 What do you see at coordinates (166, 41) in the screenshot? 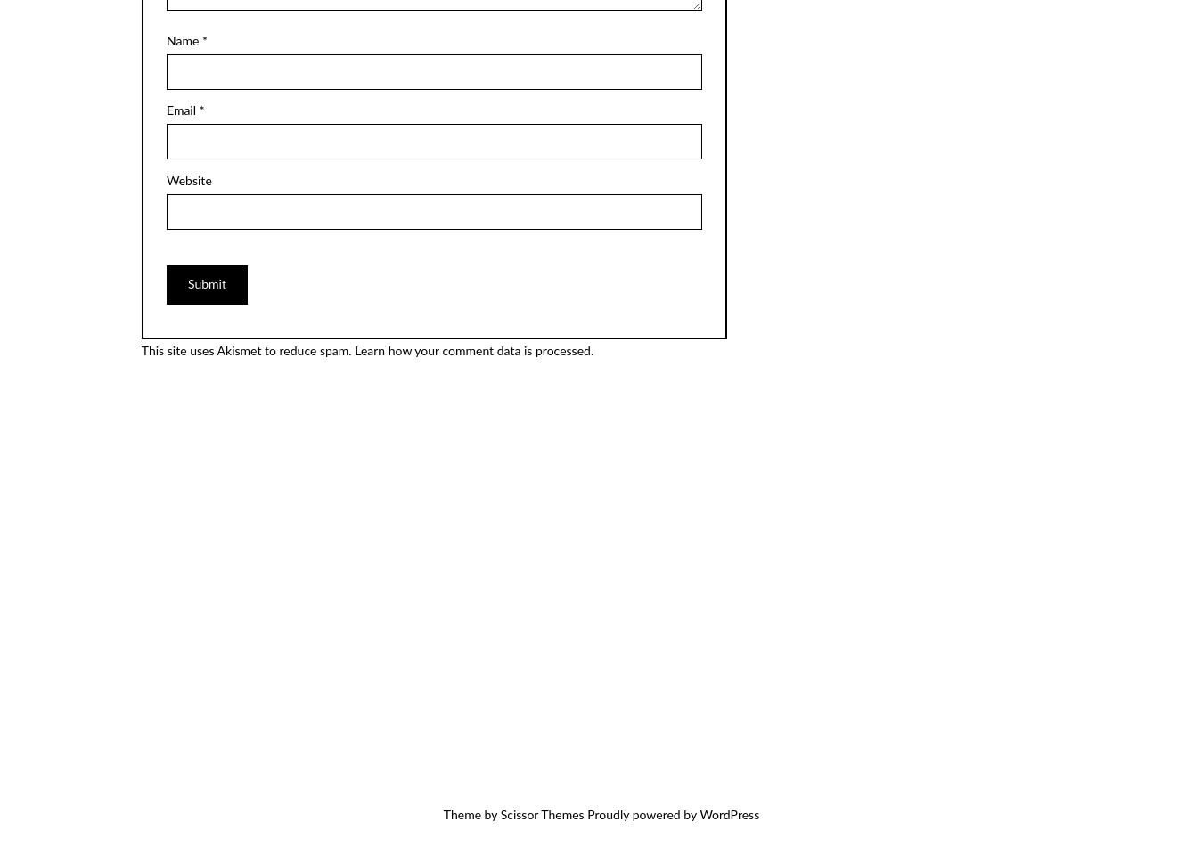
I see `'Name'` at bounding box center [166, 41].